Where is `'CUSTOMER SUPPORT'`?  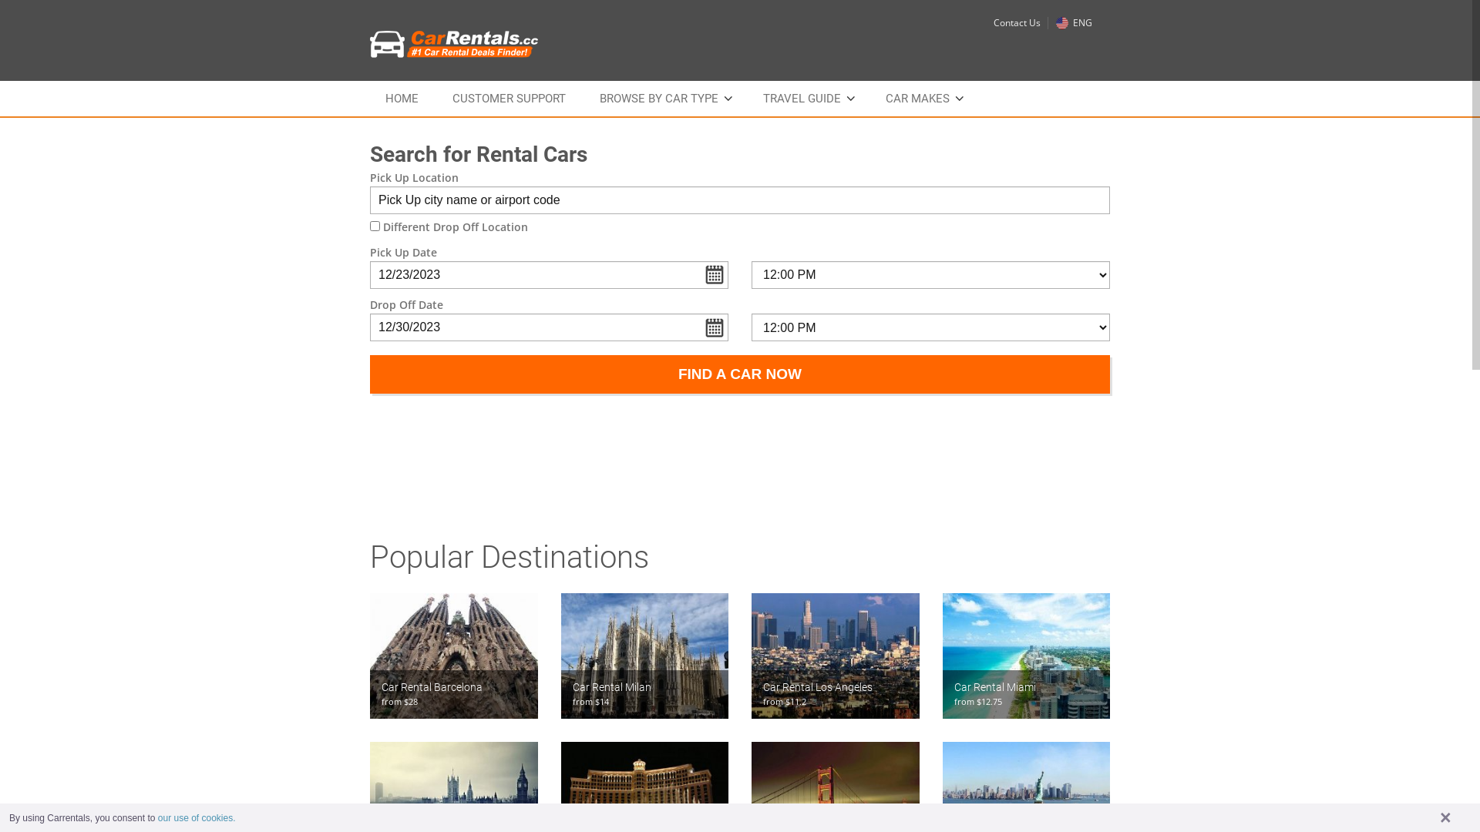 'CUSTOMER SUPPORT' is located at coordinates (509, 98).